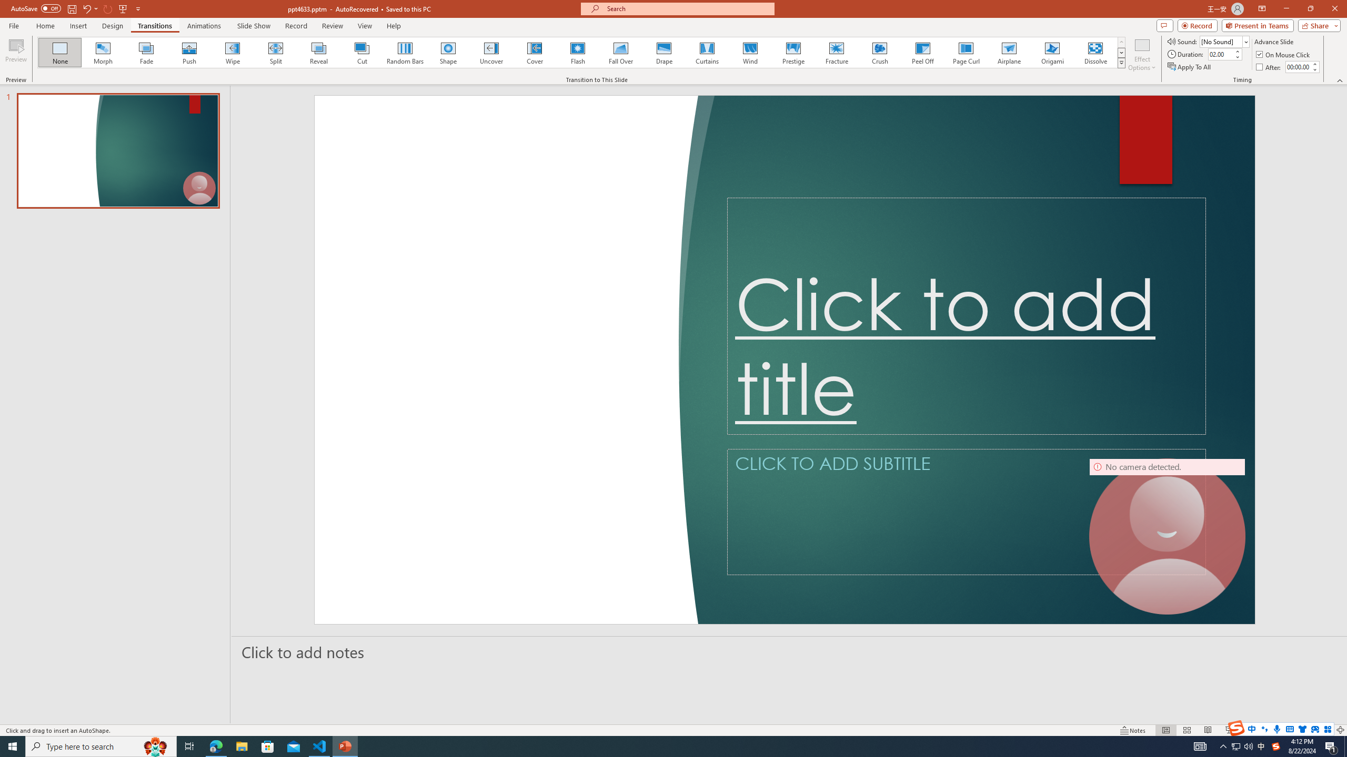 This screenshot has height=757, width=1347. Describe the element at coordinates (793, 52) in the screenshot. I see `'Prestige'` at that location.